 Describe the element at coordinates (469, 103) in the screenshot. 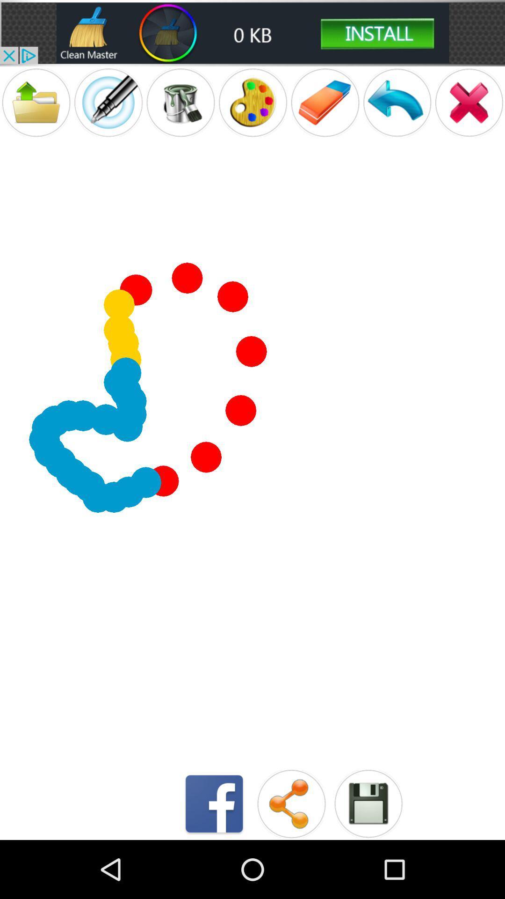

I see `close` at that location.